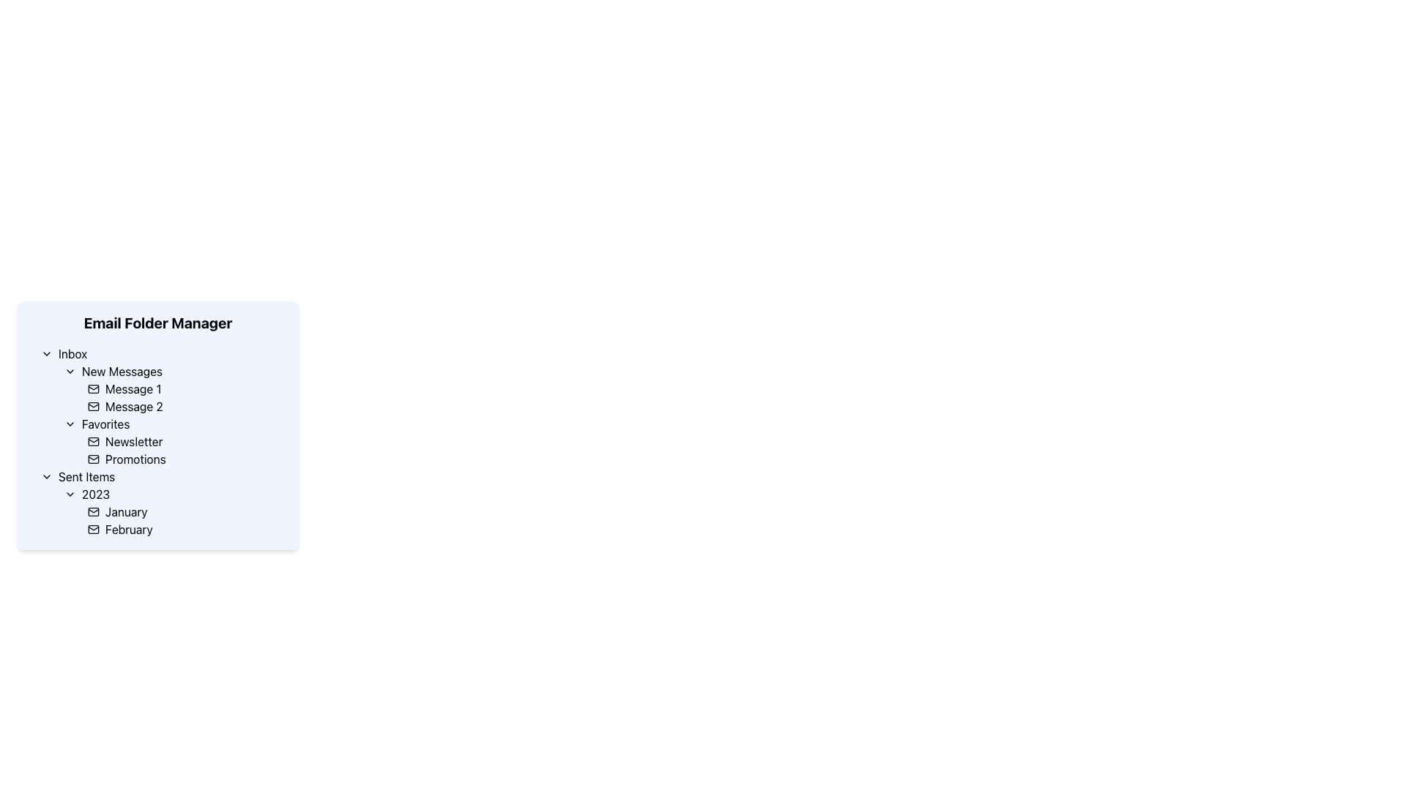 This screenshot has width=1406, height=790. I want to click on the envelope icon for denoting a message or email located next to the folder label 'New Messages' in the 'Email Folder Manager' interface, so click(93, 511).